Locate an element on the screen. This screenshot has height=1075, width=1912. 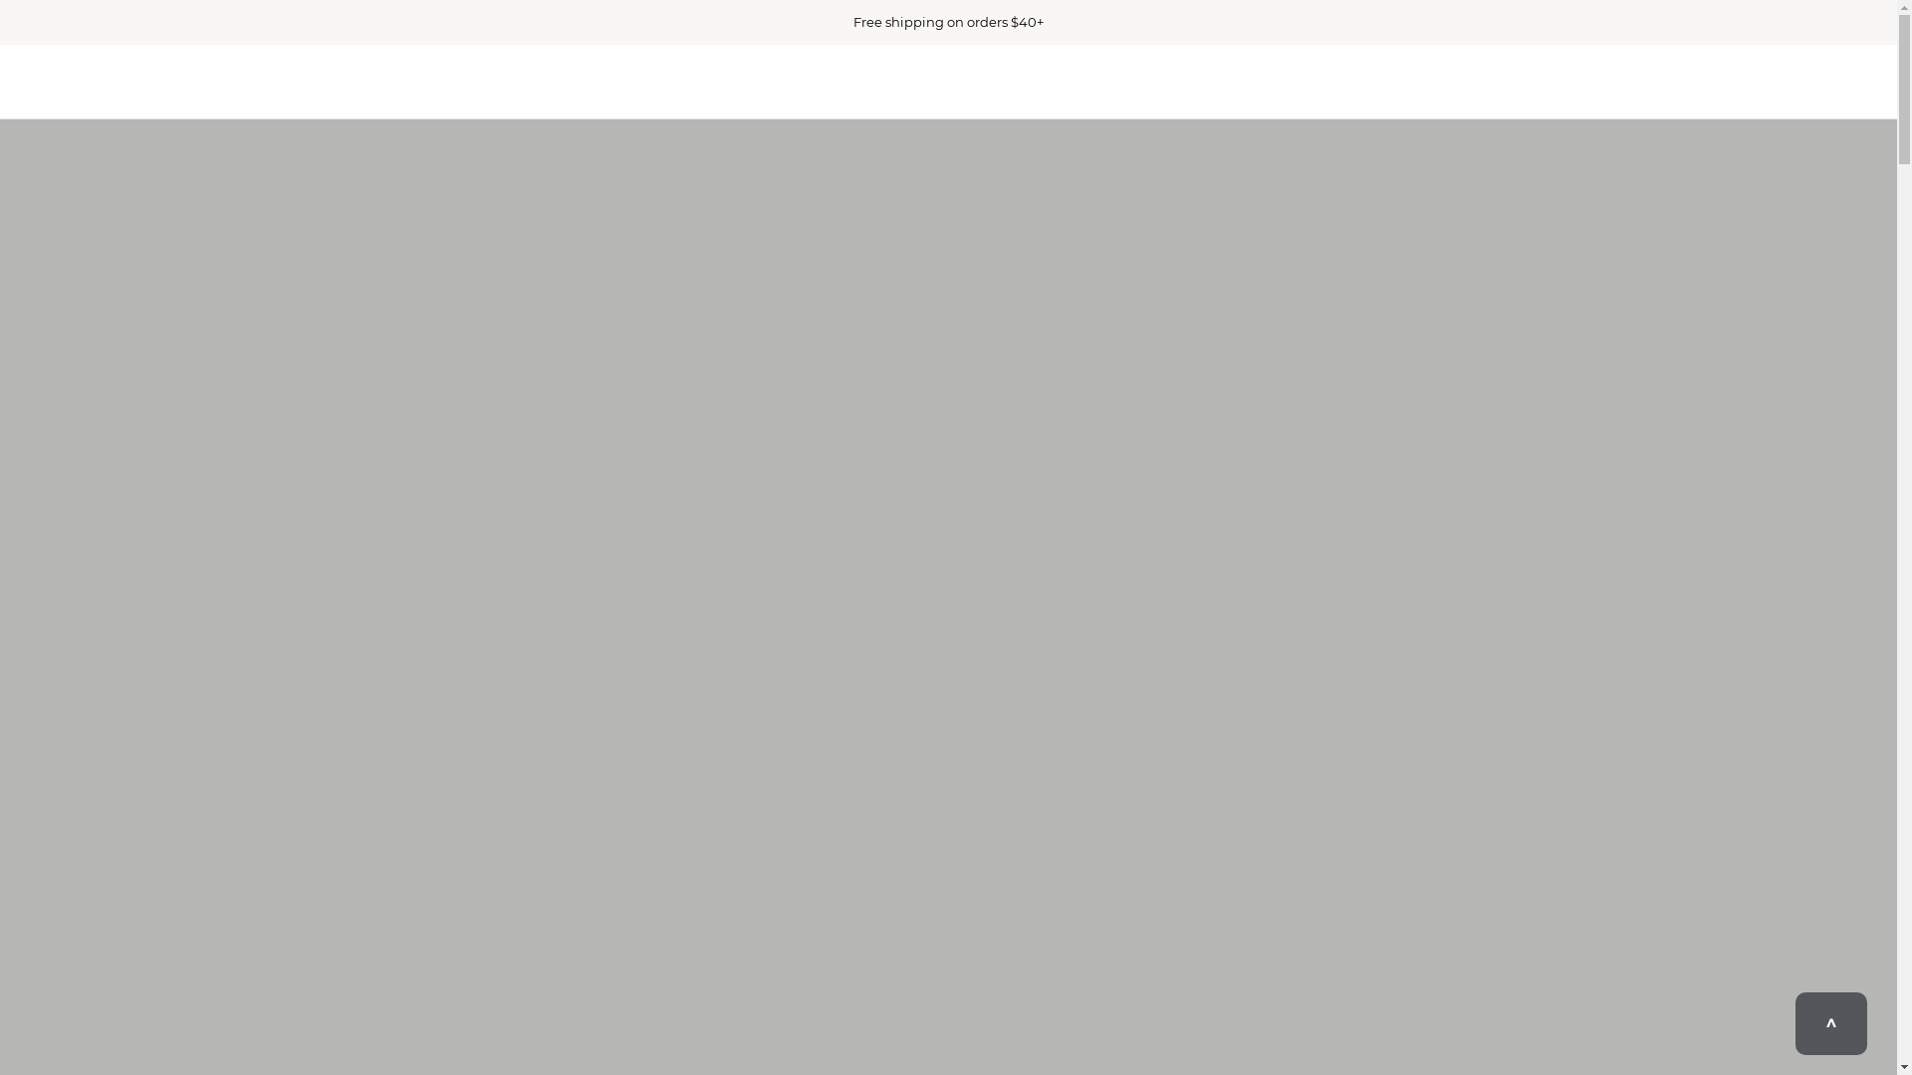
'^' is located at coordinates (1795, 1023).